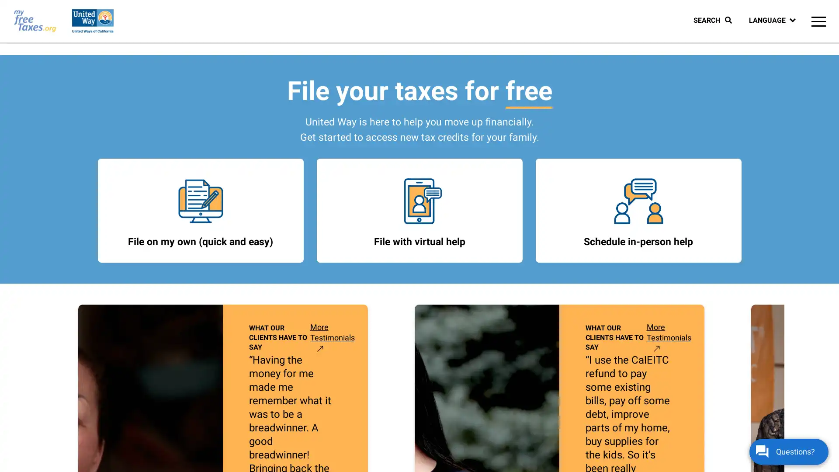 This screenshot has width=839, height=472. What do you see at coordinates (789, 451) in the screenshot?
I see `Questions?` at bounding box center [789, 451].